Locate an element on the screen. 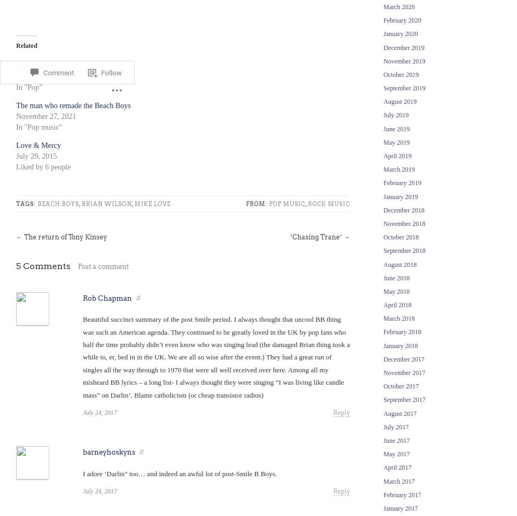  'November 2018' is located at coordinates (383, 222).